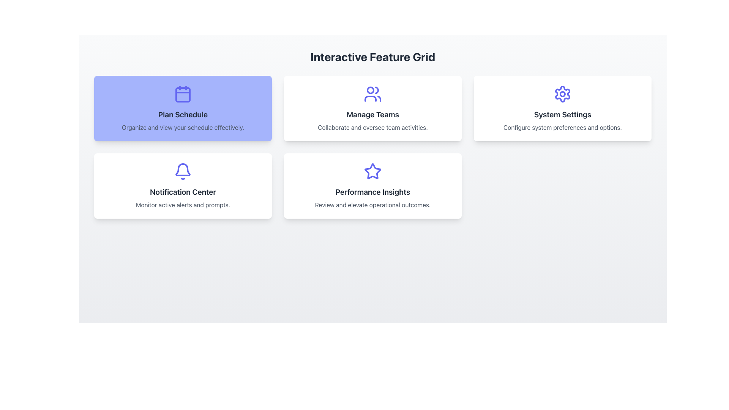 This screenshot has width=729, height=410. Describe the element at coordinates (183, 108) in the screenshot. I see `the first interactive card in the grid layout` at that location.